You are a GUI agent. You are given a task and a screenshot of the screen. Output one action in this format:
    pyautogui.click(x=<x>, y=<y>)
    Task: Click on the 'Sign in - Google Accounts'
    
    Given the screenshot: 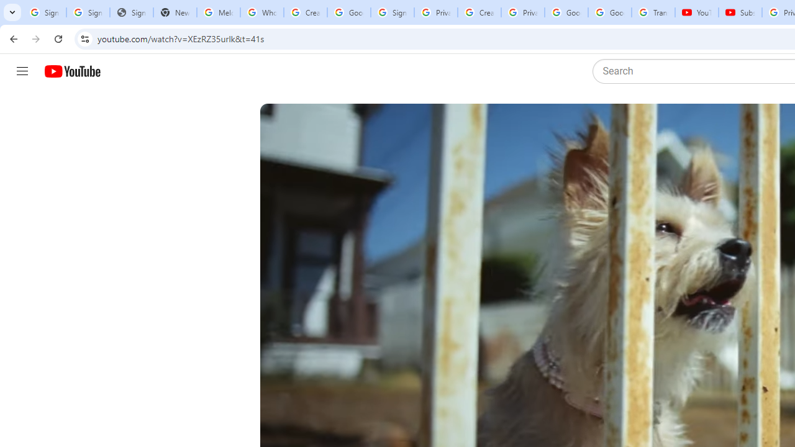 What is the action you would take?
    pyautogui.click(x=391, y=12)
    